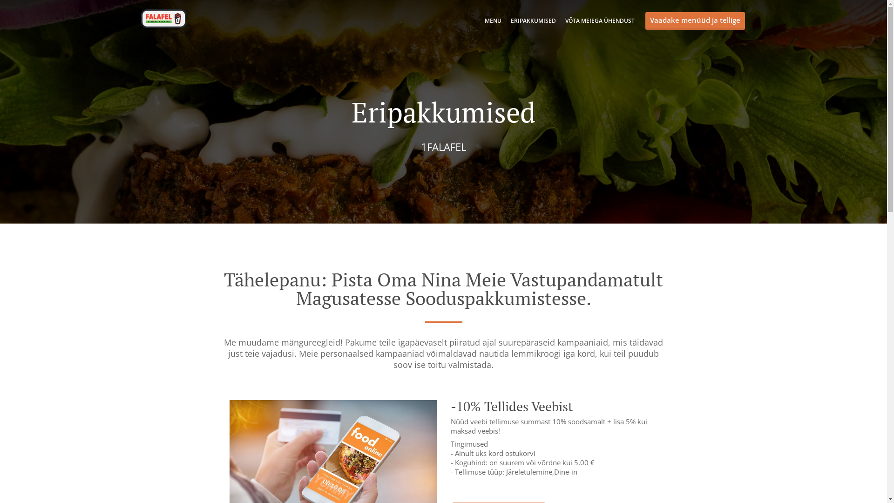  Describe the element at coordinates (533, 20) in the screenshot. I see `'ERIPAKKUMISED'` at that location.